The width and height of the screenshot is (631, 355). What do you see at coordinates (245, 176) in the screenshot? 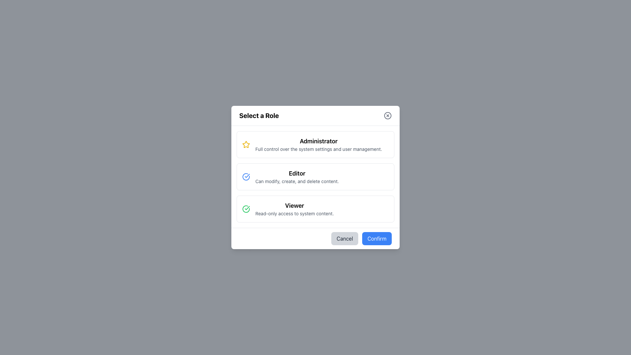
I see `the 'Editor' role selection icon located in the 'Select a Role' dialog box, positioned to the left of the text 'Editor'` at bounding box center [245, 176].